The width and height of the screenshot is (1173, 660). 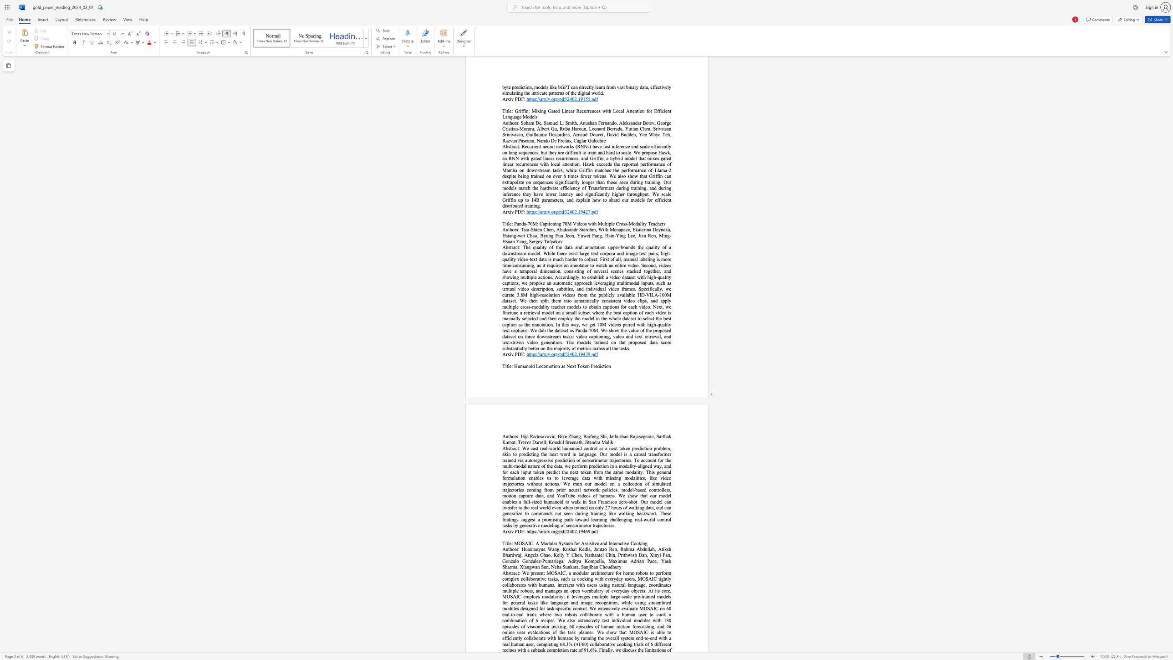 What do you see at coordinates (520, 366) in the screenshot?
I see `the subset text "manoid Locomotio" within the text "Humanoid Locomotion as Next Token Prediction"` at bounding box center [520, 366].